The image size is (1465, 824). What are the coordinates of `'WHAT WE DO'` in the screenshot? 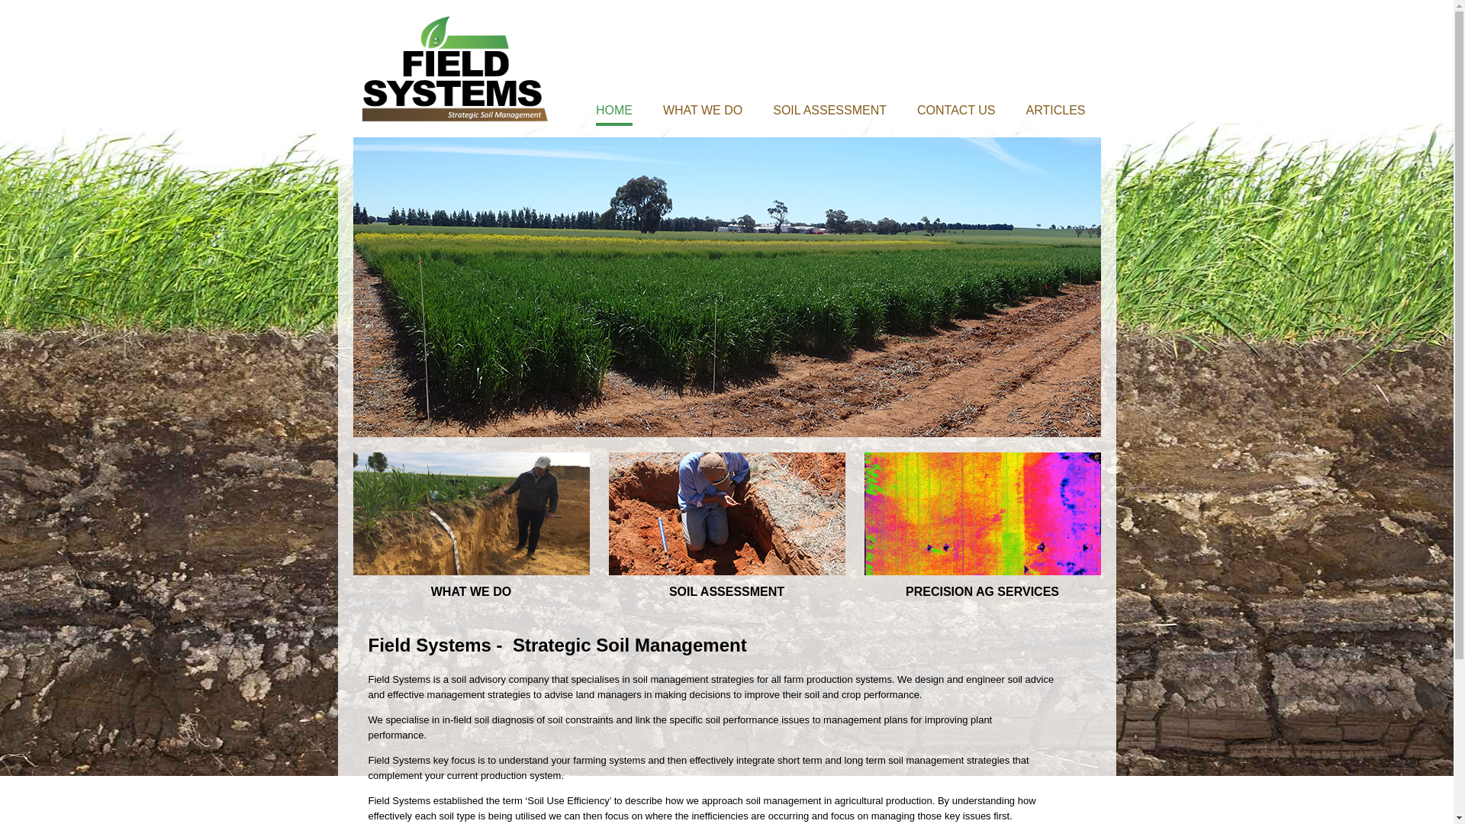 It's located at (662, 108).